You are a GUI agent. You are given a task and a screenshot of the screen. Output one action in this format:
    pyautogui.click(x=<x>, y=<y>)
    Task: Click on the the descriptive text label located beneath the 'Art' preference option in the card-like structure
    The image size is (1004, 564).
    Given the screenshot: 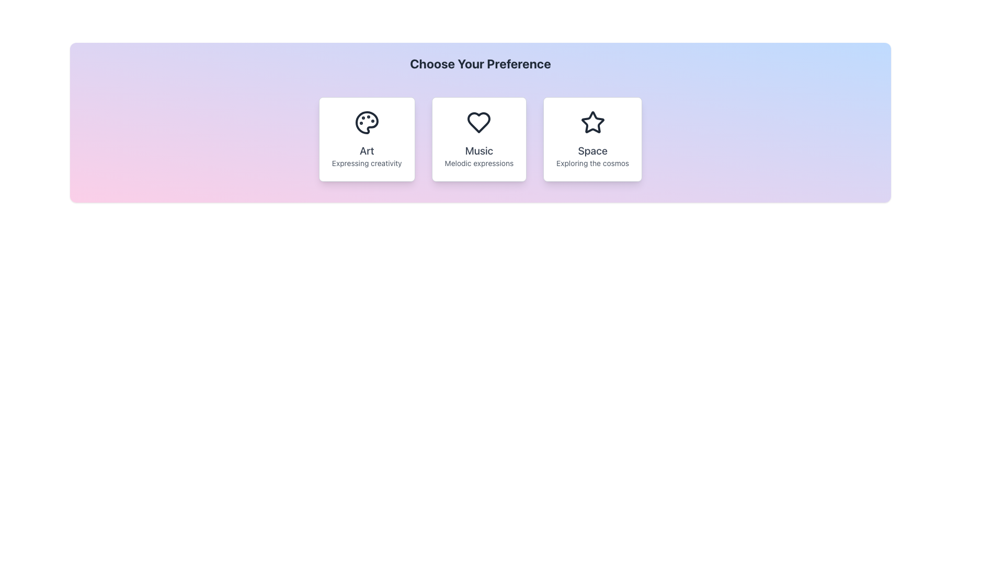 What is the action you would take?
    pyautogui.click(x=367, y=163)
    